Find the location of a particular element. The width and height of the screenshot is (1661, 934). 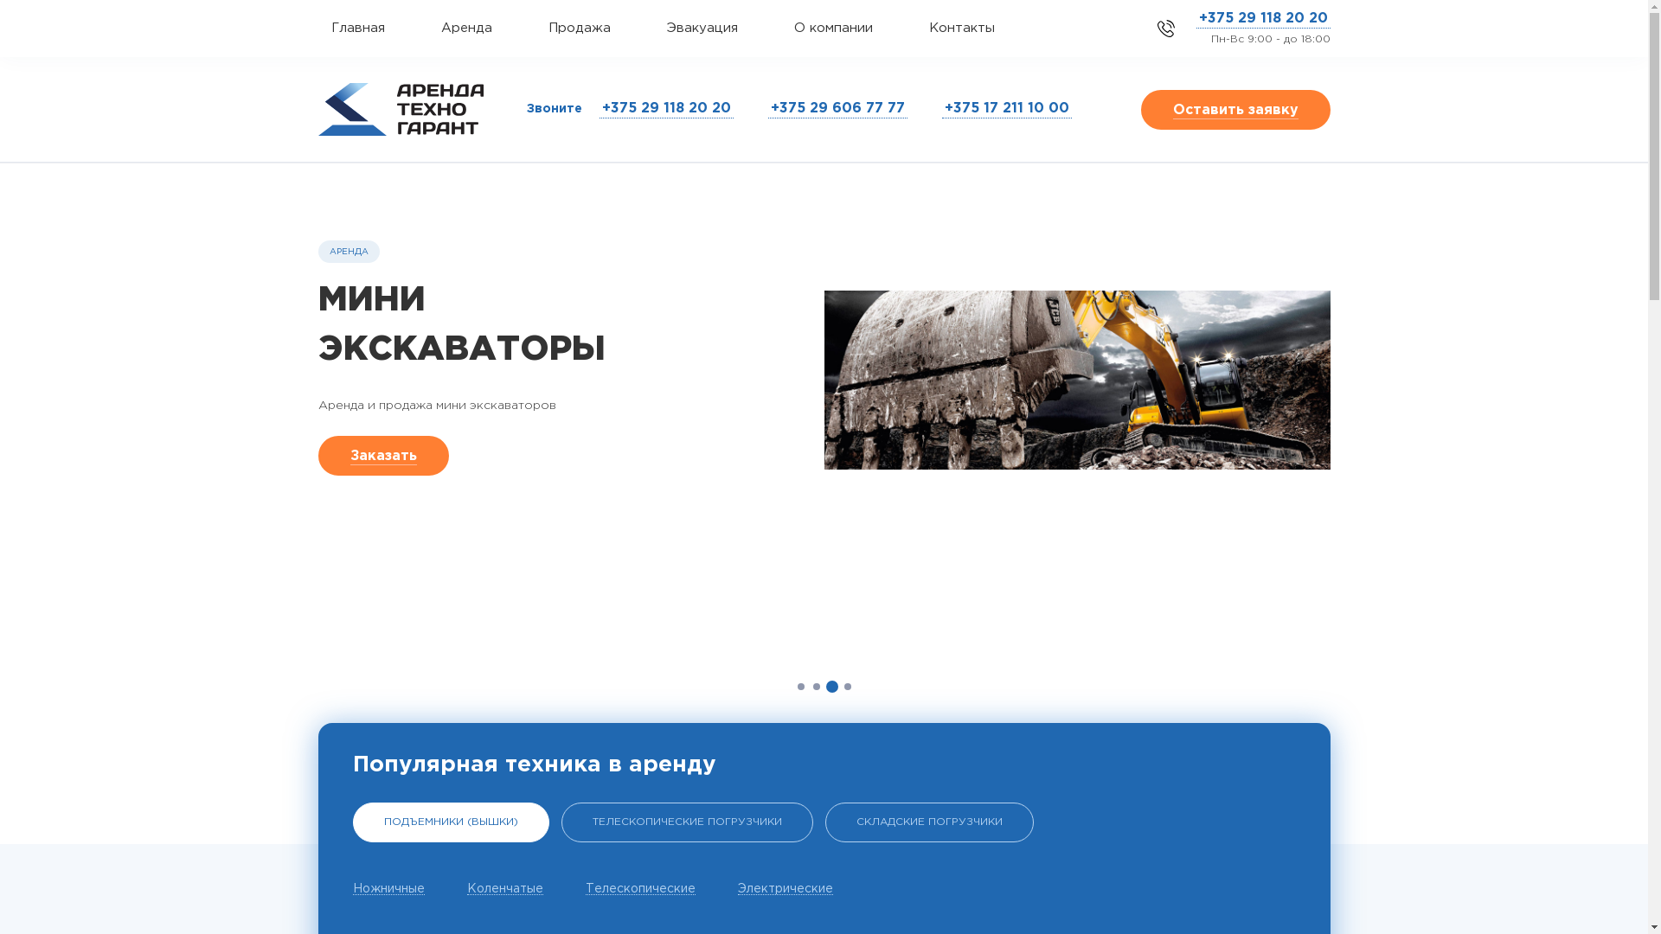

'+375 29 118 20 20' is located at coordinates (1195, 19).